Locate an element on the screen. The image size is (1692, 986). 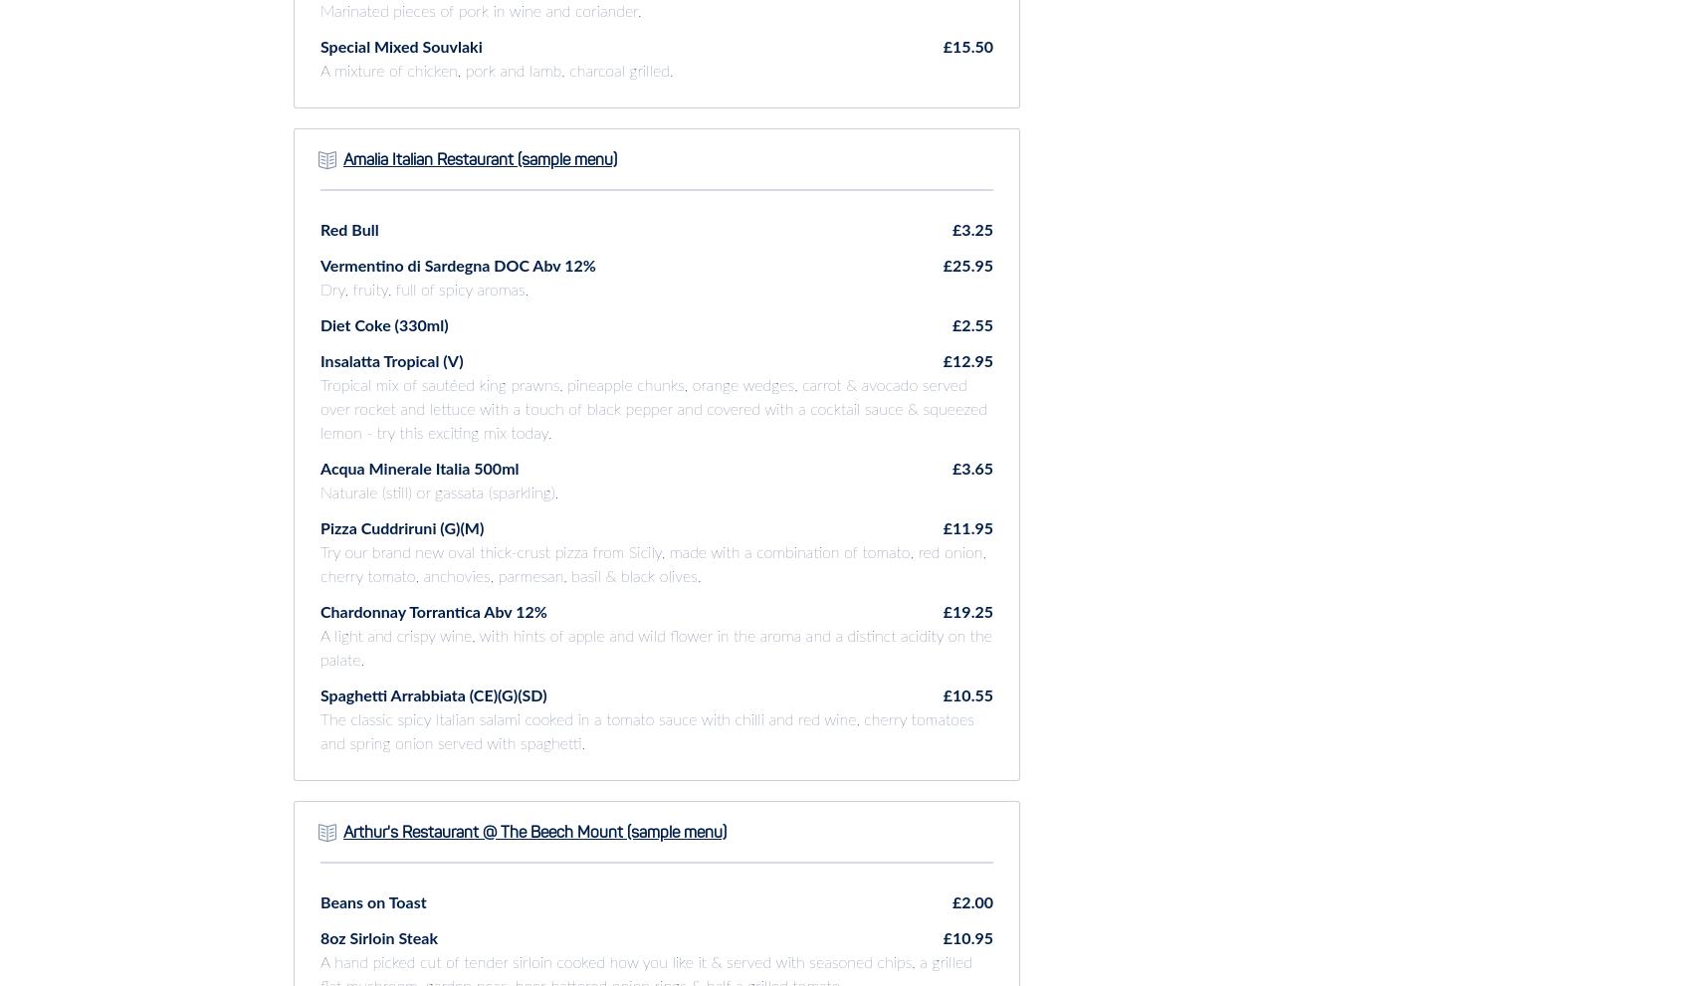
'Naturale (still) or gassata (sparkling).' is located at coordinates (439, 492).